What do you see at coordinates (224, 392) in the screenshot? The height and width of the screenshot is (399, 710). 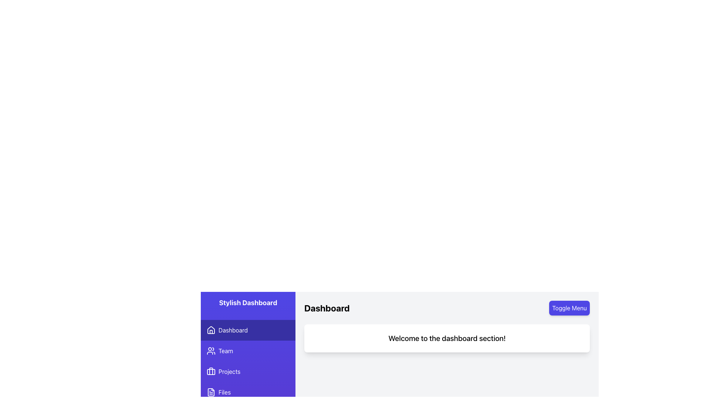 I see `the 'Files' text label in the vertical sidebar menu` at bounding box center [224, 392].